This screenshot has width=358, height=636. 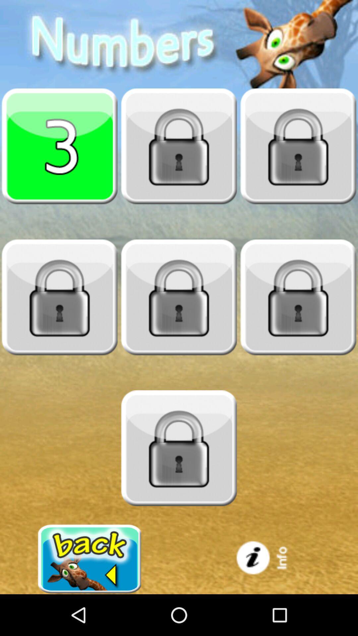 I want to click on locked number, so click(x=298, y=146).